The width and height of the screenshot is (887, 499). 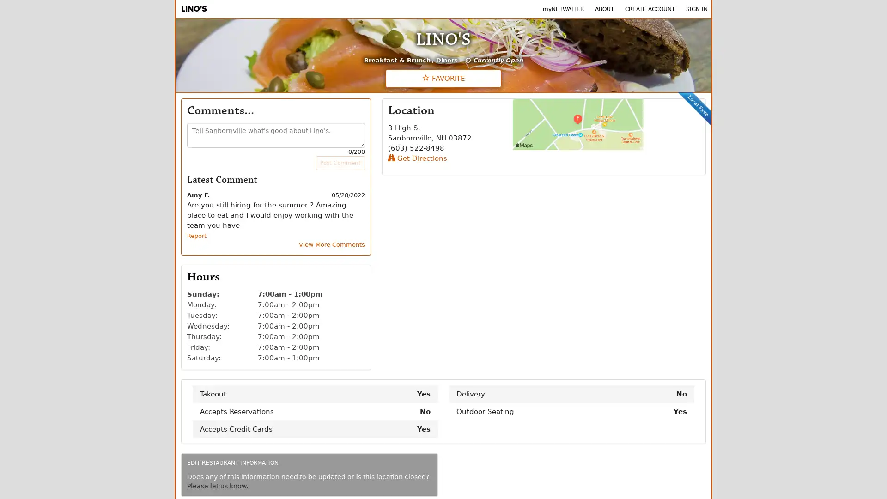 What do you see at coordinates (340, 163) in the screenshot?
I see `Post Comment` at bounding box center [340, 163].